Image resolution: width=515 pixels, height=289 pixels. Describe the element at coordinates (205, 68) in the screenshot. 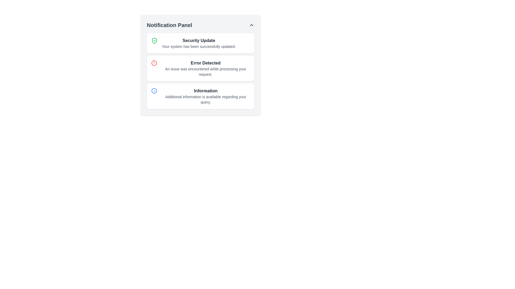

I see `the Notification alert that serves as a message about an encountered issue, positioned between 'Security Update' and 'Information'` at that location.